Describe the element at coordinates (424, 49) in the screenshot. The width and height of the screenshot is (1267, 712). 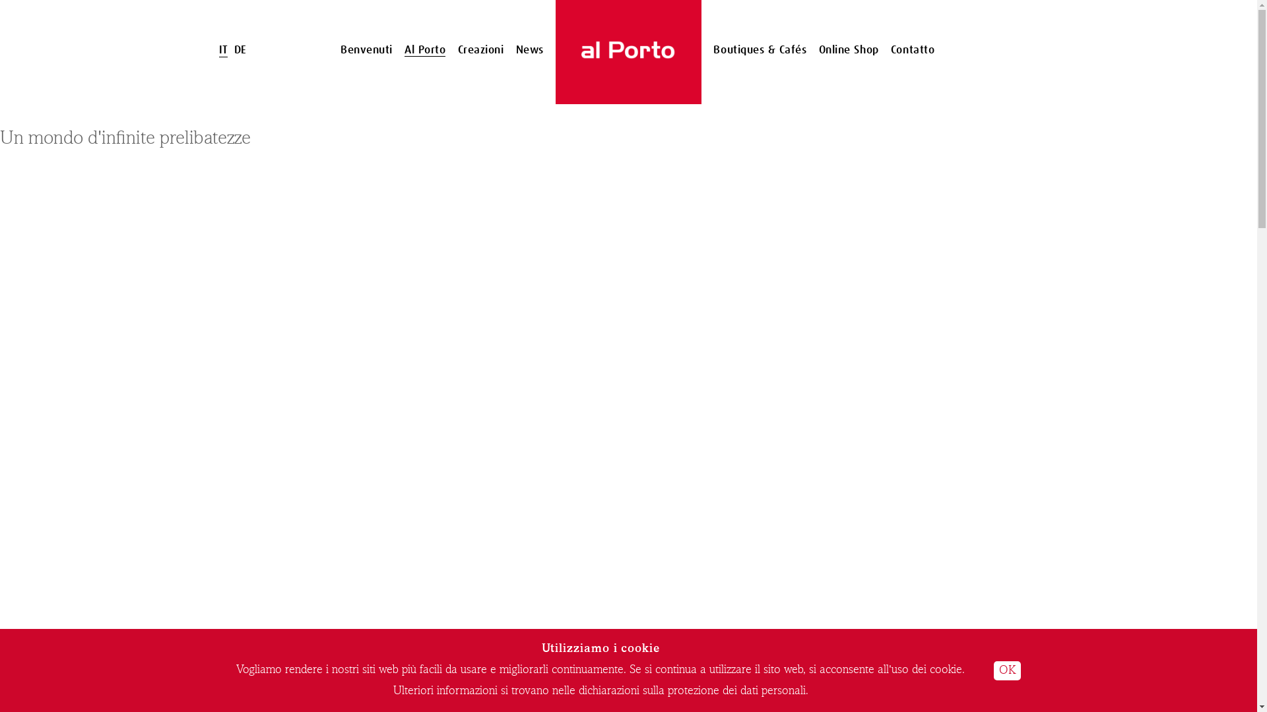
I see `'Al Porto'` at that location.